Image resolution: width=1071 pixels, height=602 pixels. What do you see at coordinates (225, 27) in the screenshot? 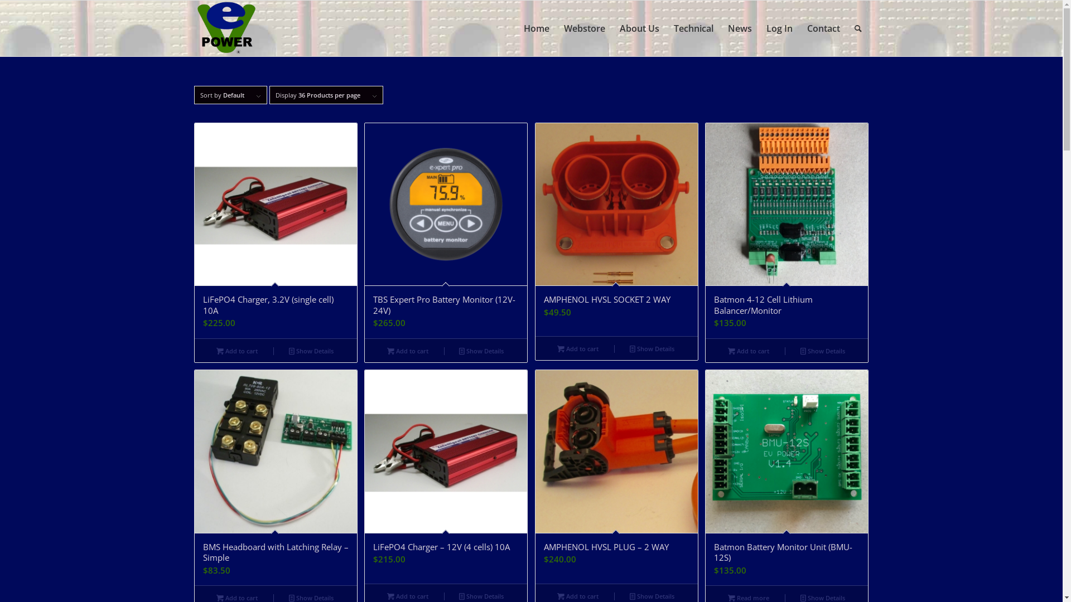
I see `'eV_power_web'` at bounding box center [225, 27].